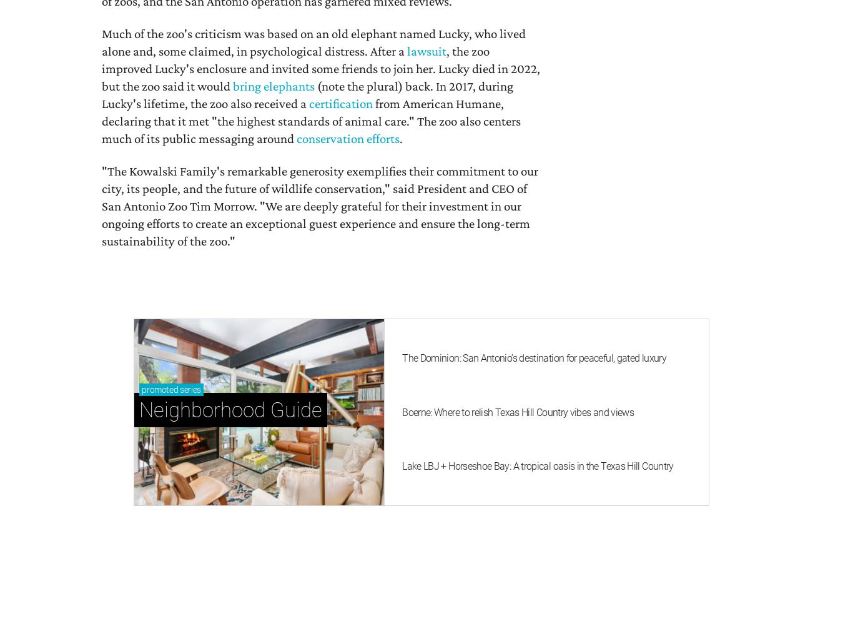 The width and height of the screenshot is (843, 629). Describe the element at coordinates (340, 103) in the screenshot. I see `'certification'` at that location.